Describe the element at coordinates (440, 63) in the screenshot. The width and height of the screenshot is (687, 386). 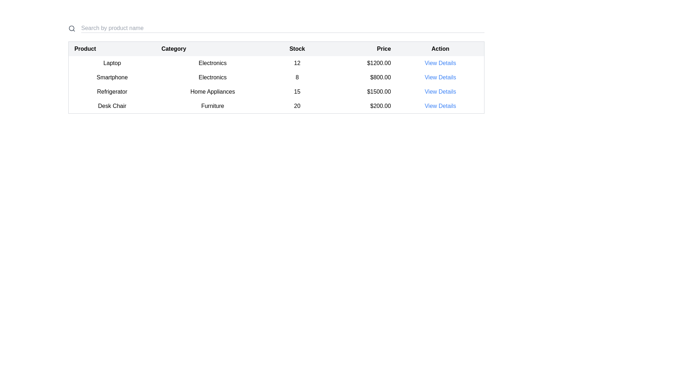
I see `the 'View Details' link in the topmost row of the 'Action' column of the table, which is adjacent to the 'Price' column displaying $1200.00 for the 'Laptop' product` at that location.